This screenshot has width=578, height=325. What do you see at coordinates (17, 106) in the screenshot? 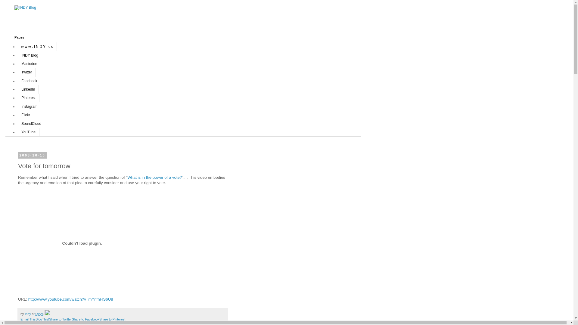
I see `'Instagram'` at bounding box center [17, 106].